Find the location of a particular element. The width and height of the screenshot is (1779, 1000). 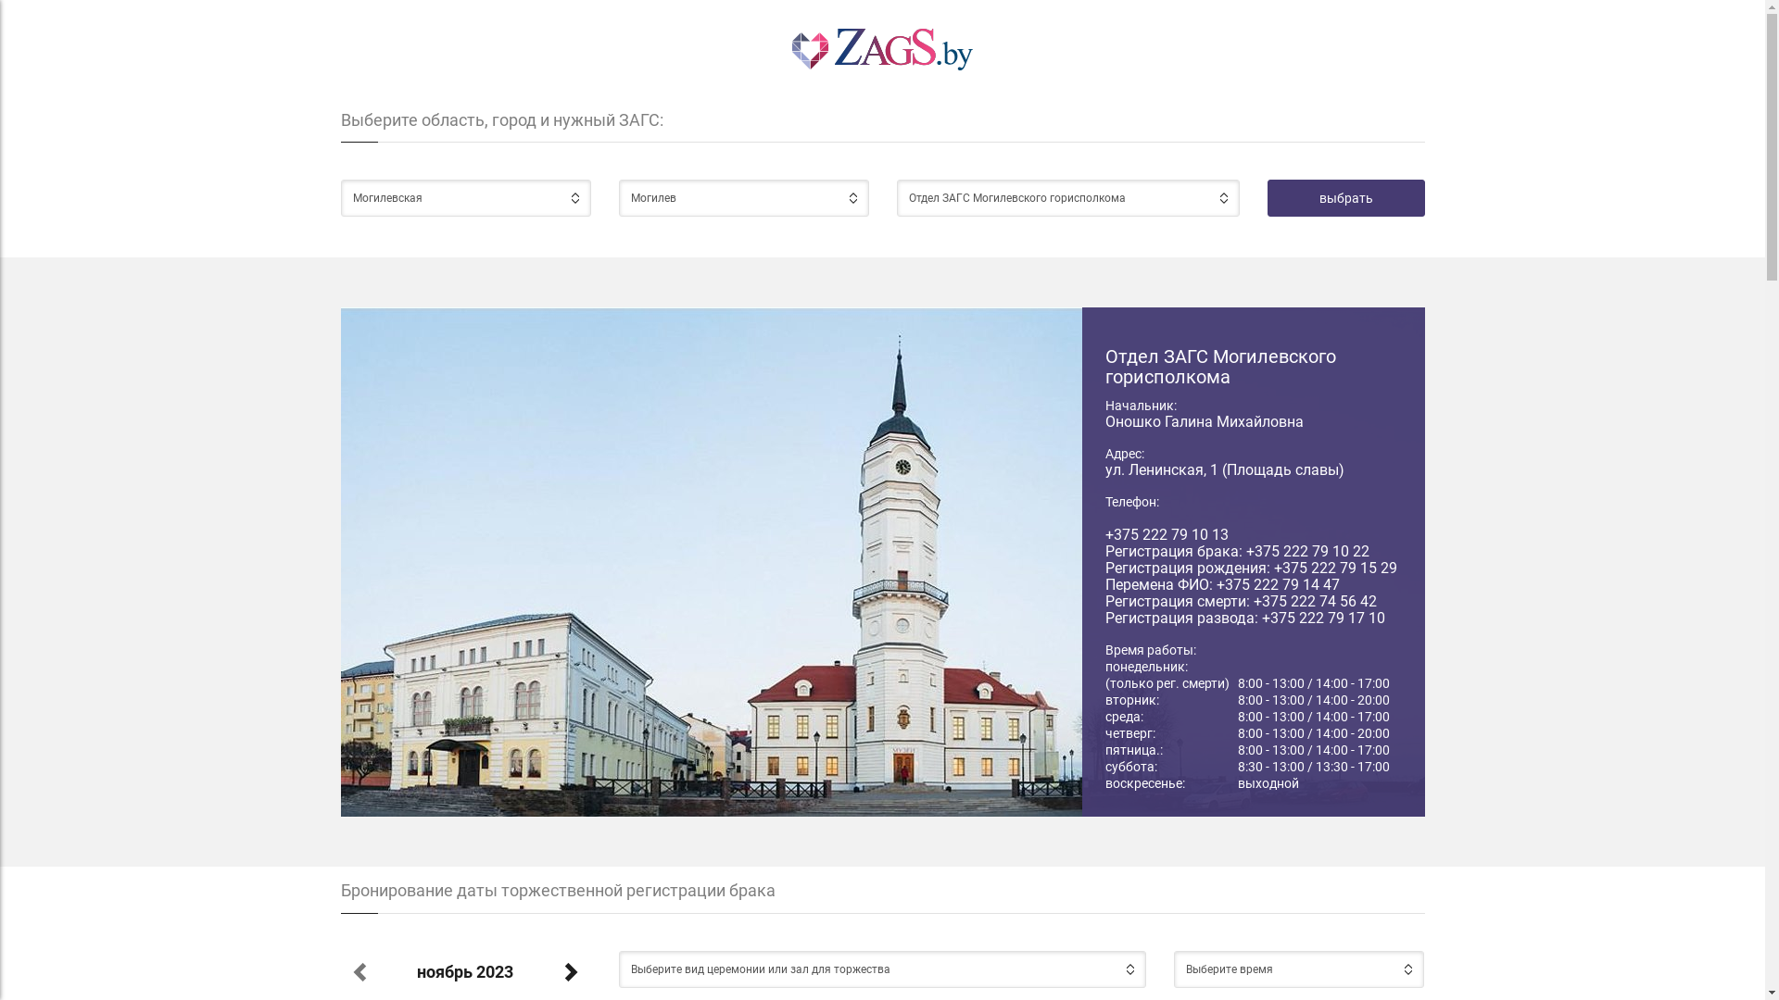

'Next Month' is located at coordinates (568, 970).